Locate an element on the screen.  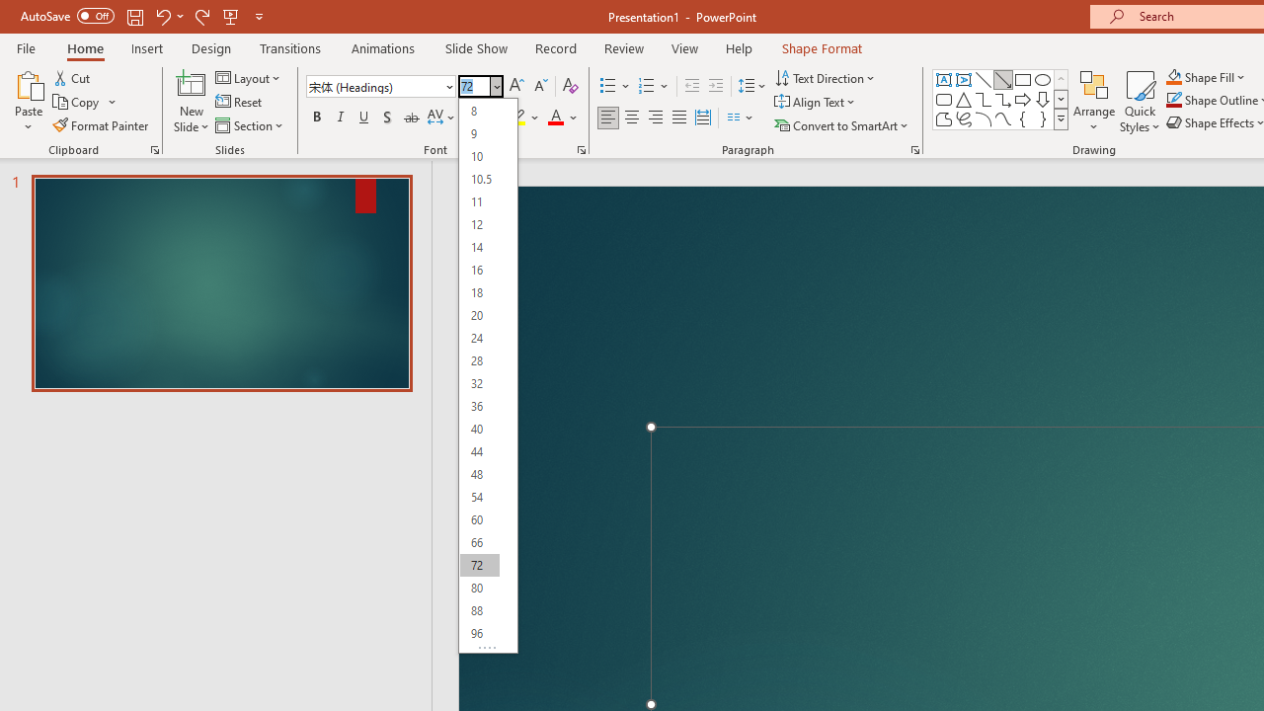
'32' is located at coordinates (479, 383).